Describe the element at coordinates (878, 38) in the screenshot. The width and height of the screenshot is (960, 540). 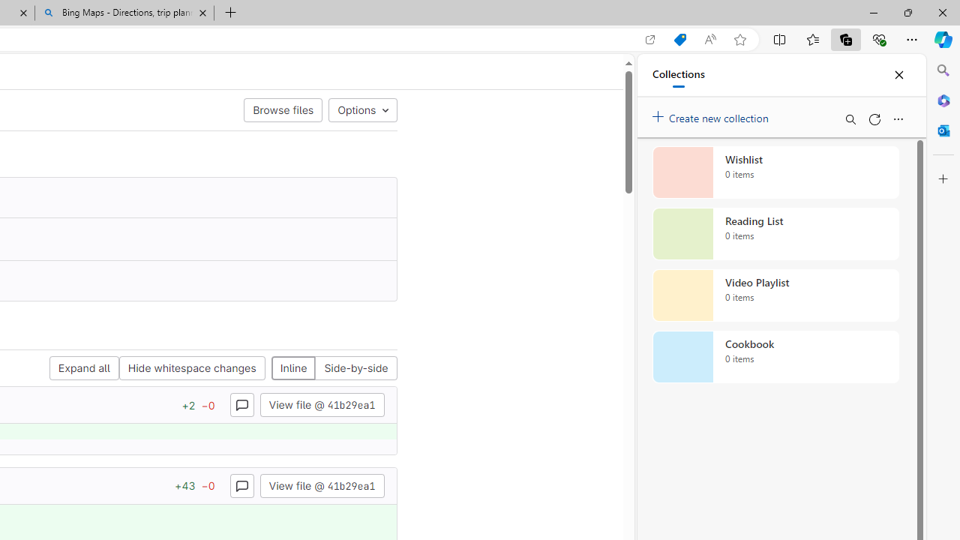
I see `'Browser essentials'` at that location.